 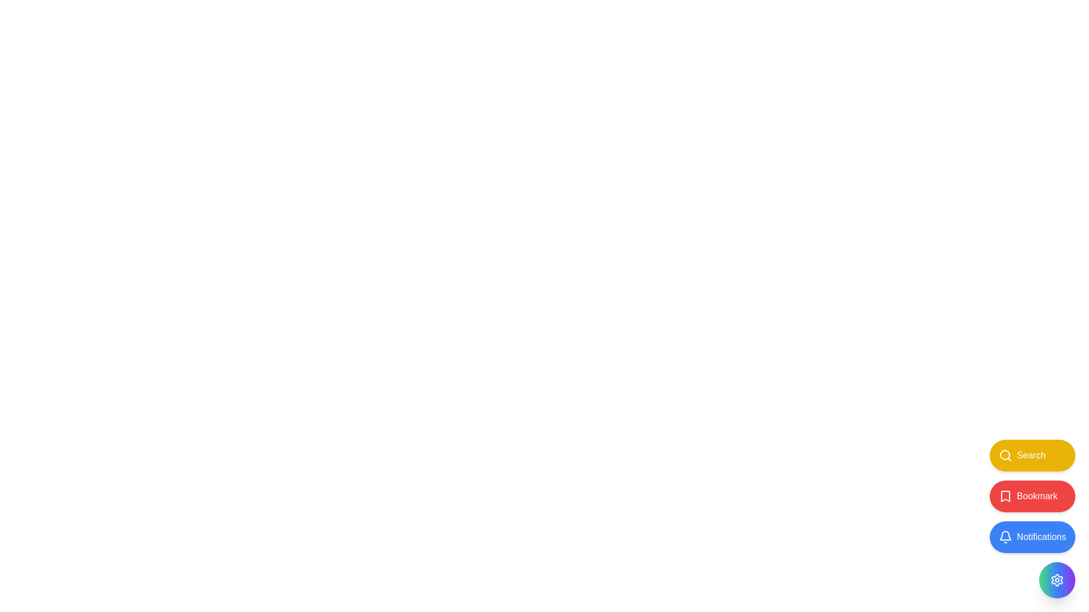 What do you see at coordinates (1032, 454) in the screenshot?
I see `the yellow 'Search' button with rounded edges and a magnifying glass icon` at bounding box center [1032, 454].